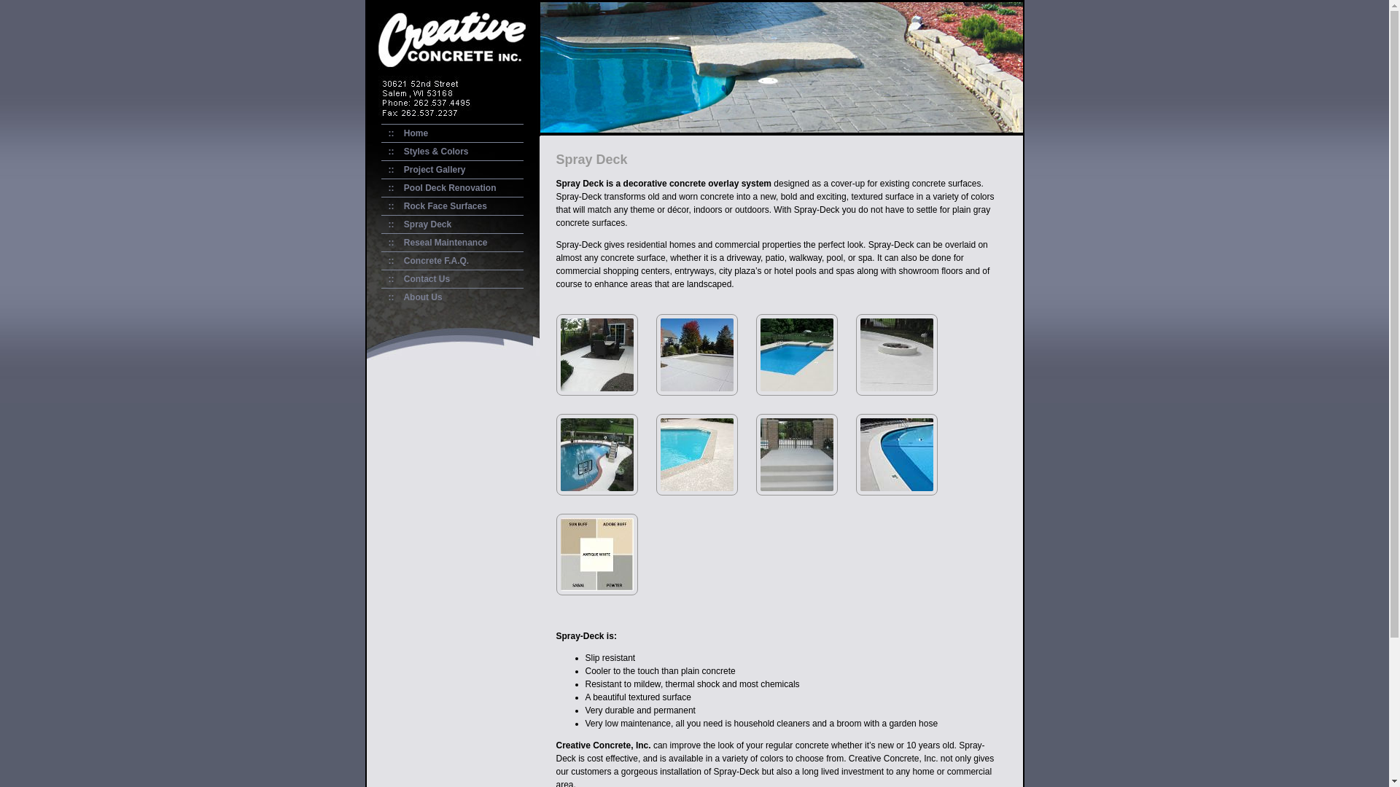 This screenshot has width=1400, height=787. I want to click on '::    Home', so click(404, 133).